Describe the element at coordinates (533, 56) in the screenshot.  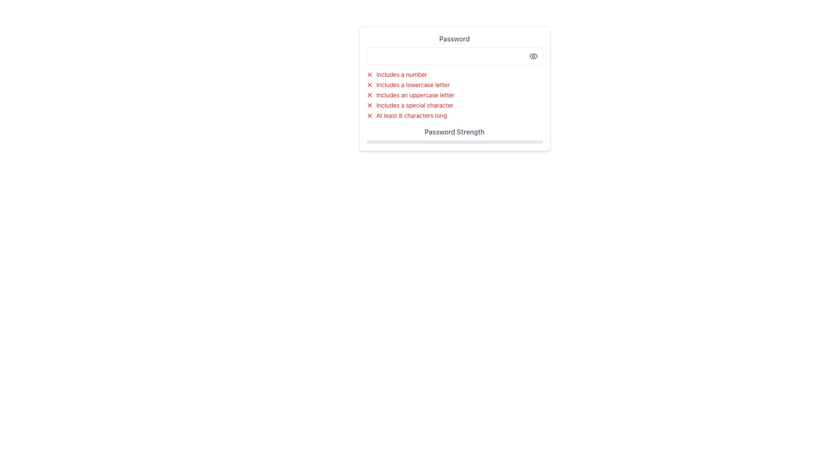
I see `the button containing the eye icon` at that location.